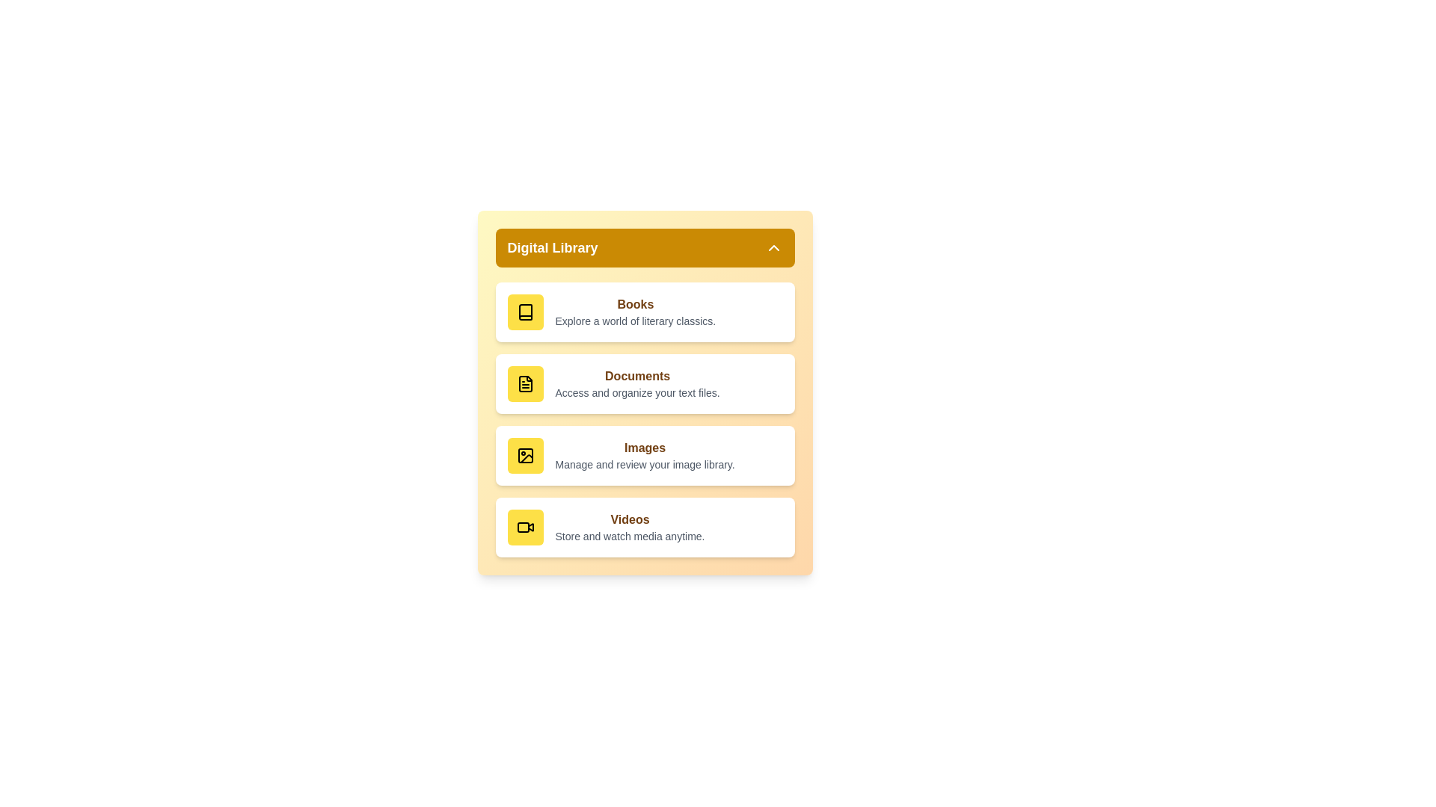 This screenshot has height=807, width=1436. What do you see at coordinates (637, 392) in the screenshot?
I see `the description of the Documents section` at bounding box center [637, 392].